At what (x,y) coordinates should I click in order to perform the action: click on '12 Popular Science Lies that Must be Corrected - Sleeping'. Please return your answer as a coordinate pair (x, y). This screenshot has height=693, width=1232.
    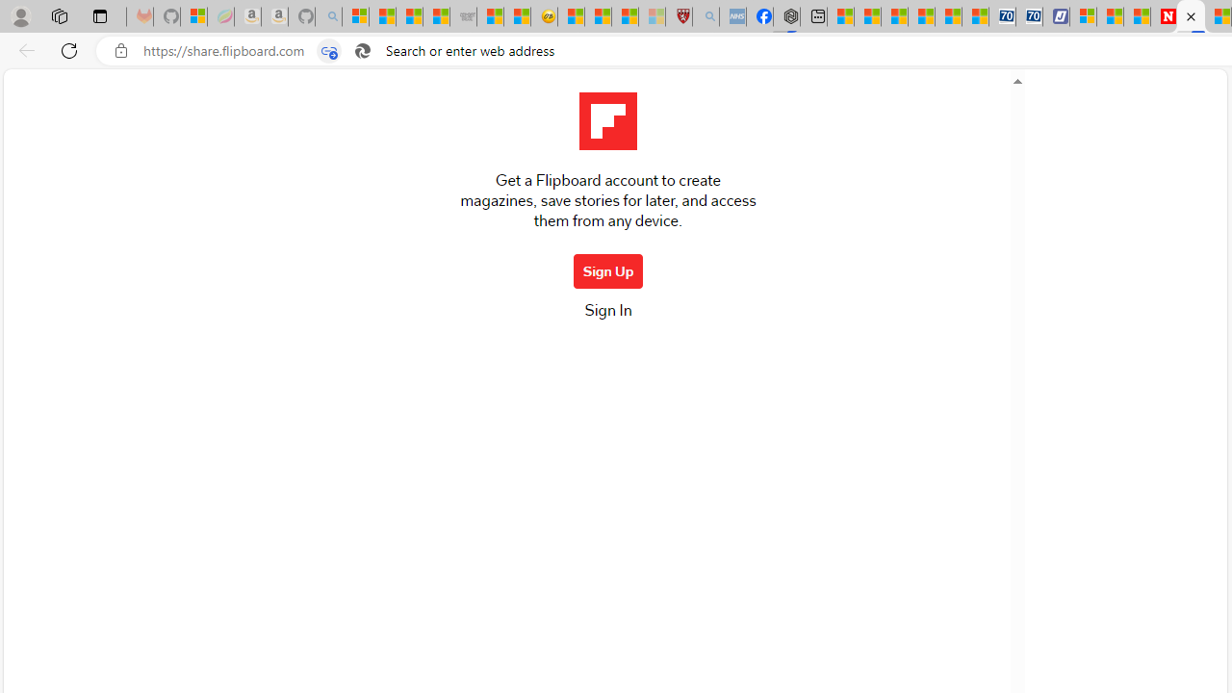
    Looking at the image, I should click on (652, 16).